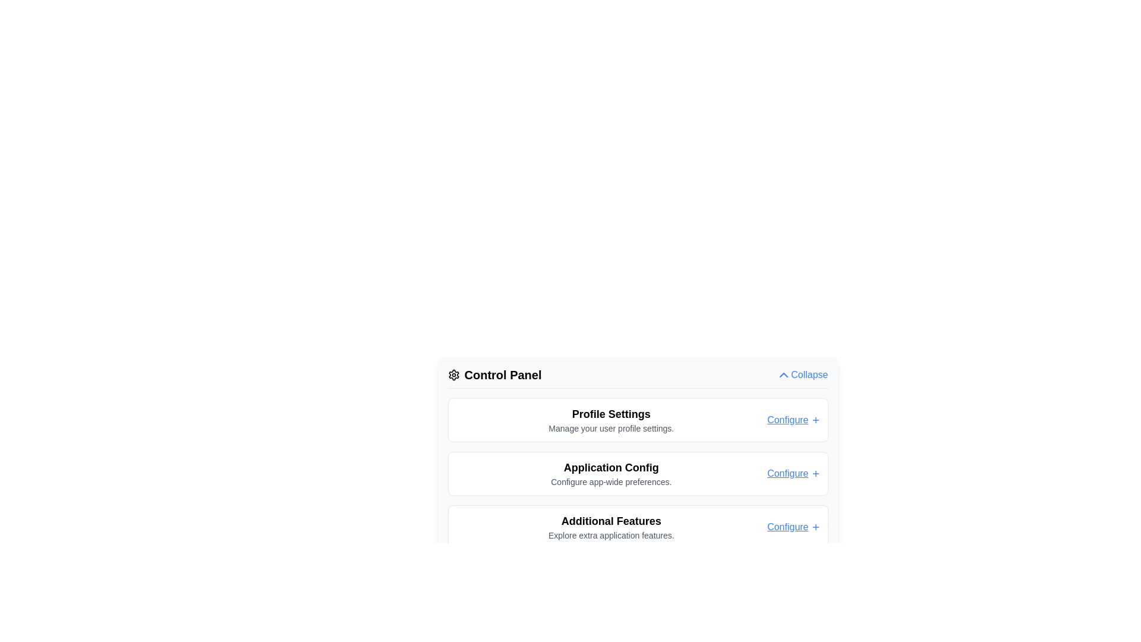  I want to click on the 'Additional Features' label that includes the header and subtext, which is centrally located within the third item of a vertical list, so click(611, 527).